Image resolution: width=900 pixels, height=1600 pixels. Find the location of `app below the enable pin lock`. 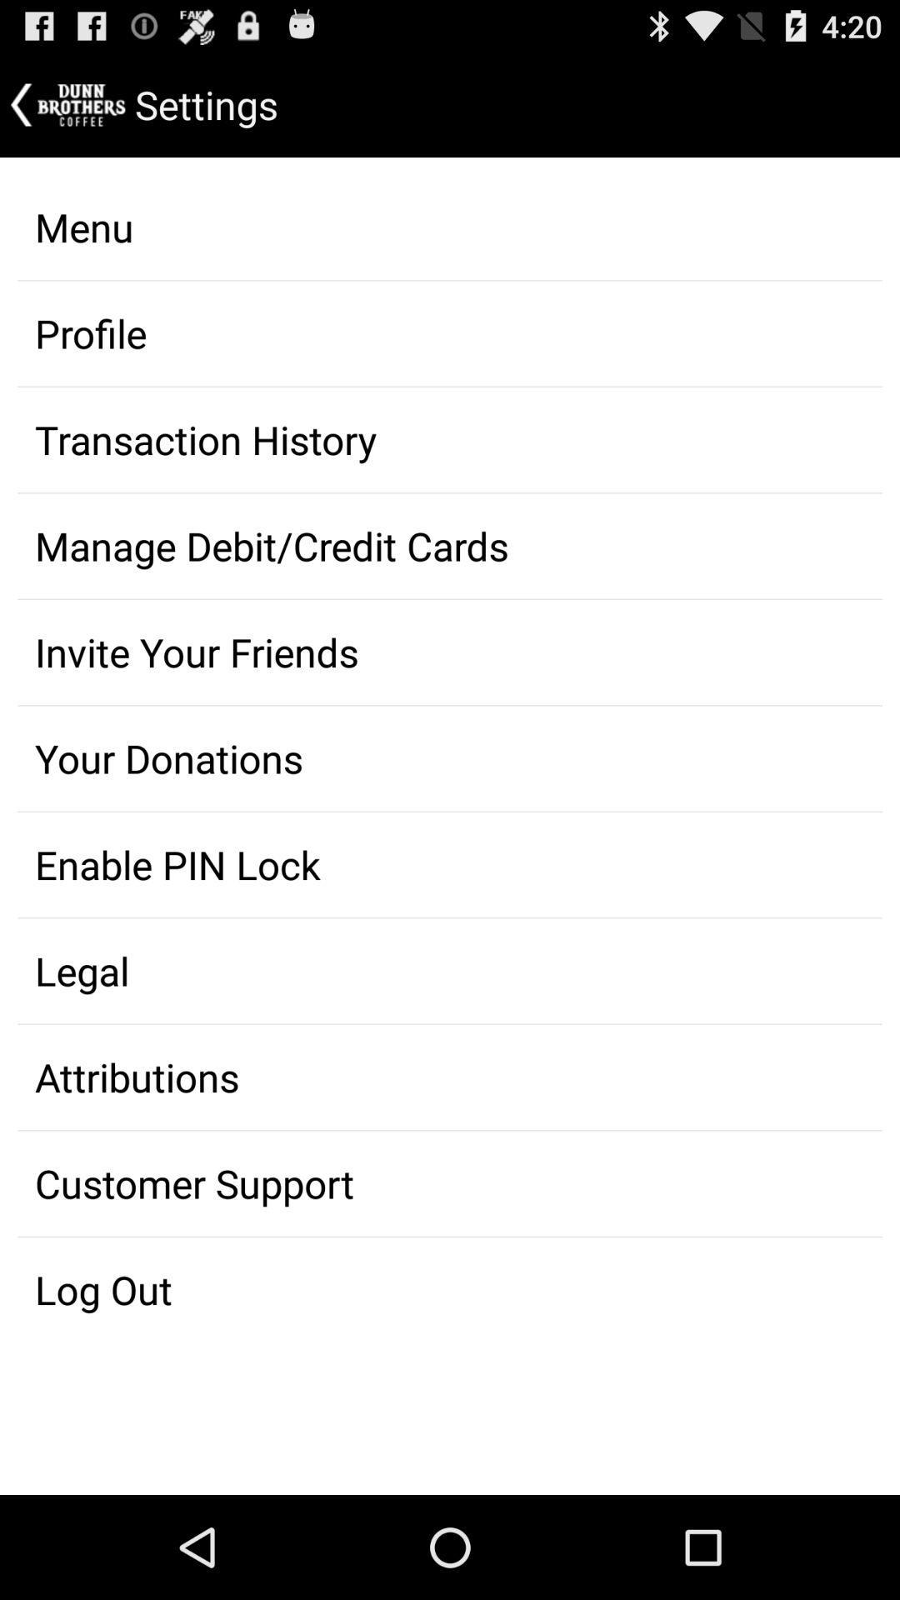

app below the enable pin lock is located at coordinates (450, 971).